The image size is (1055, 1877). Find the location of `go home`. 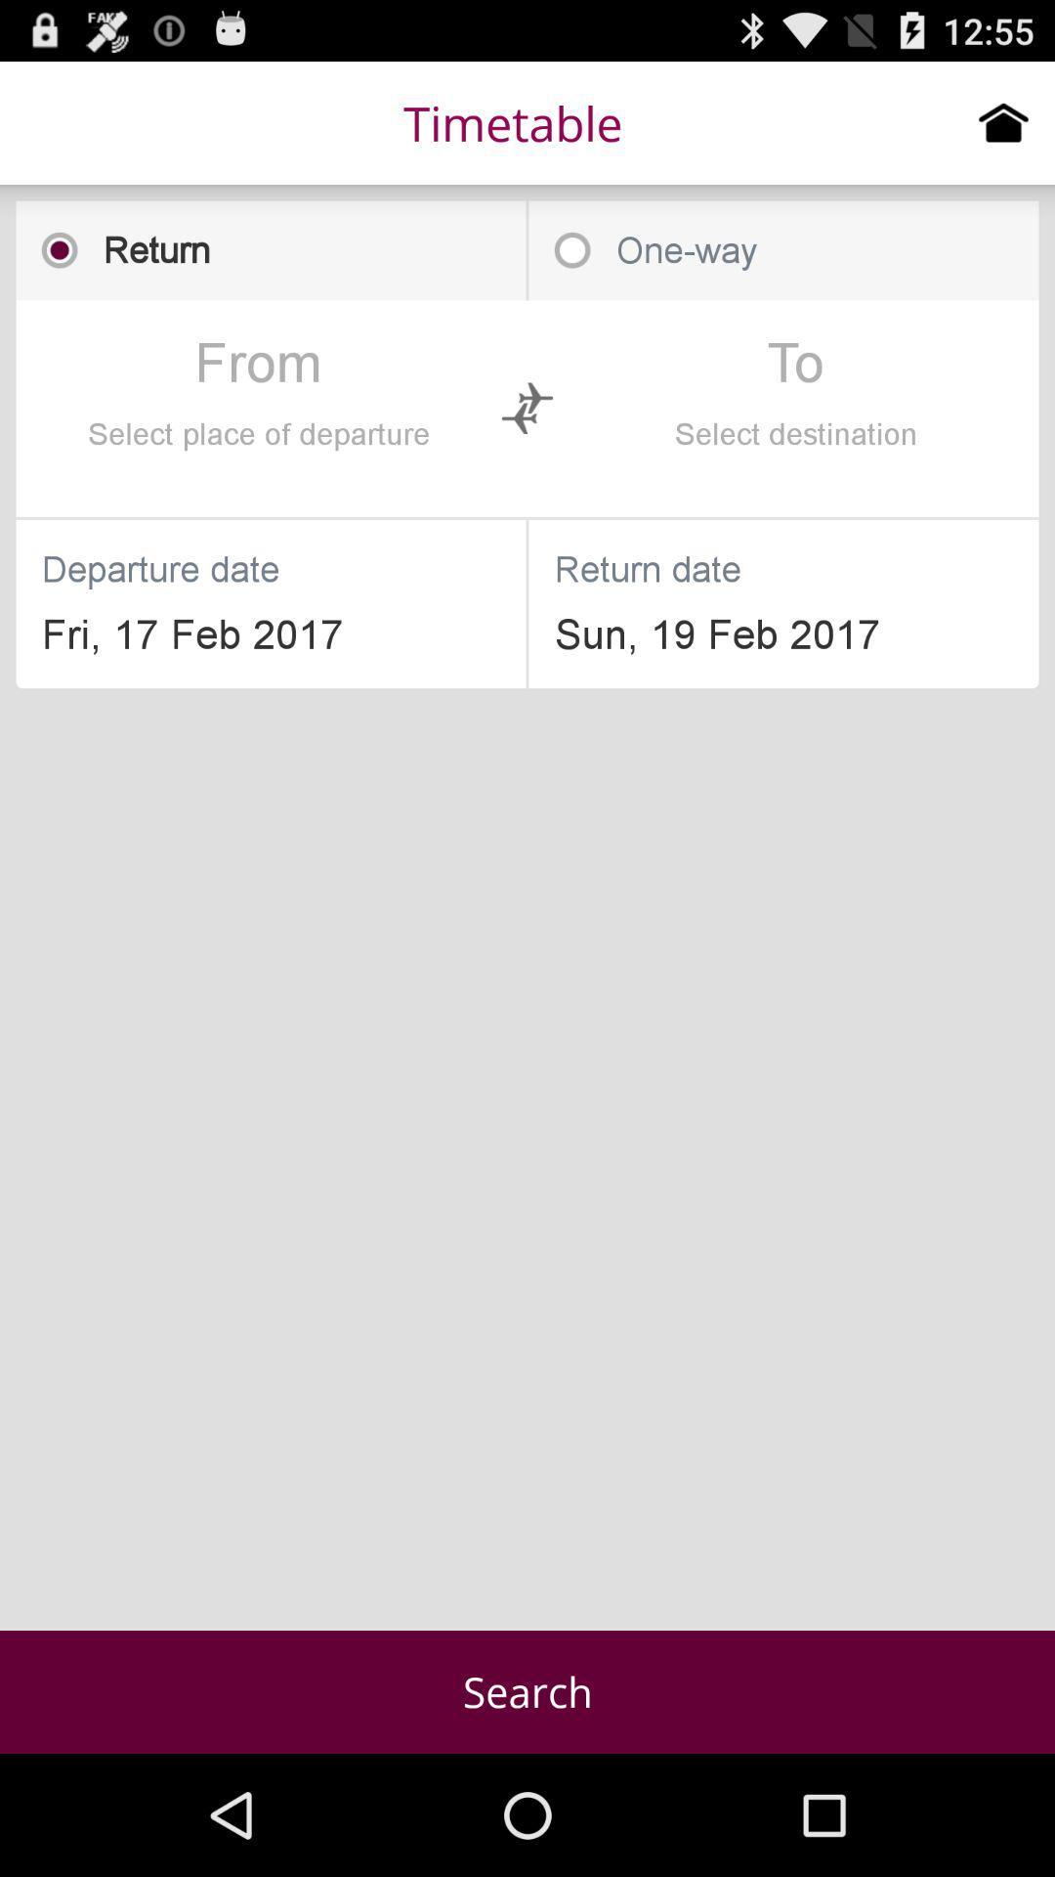

go home is located at coordinates (1003, 121).